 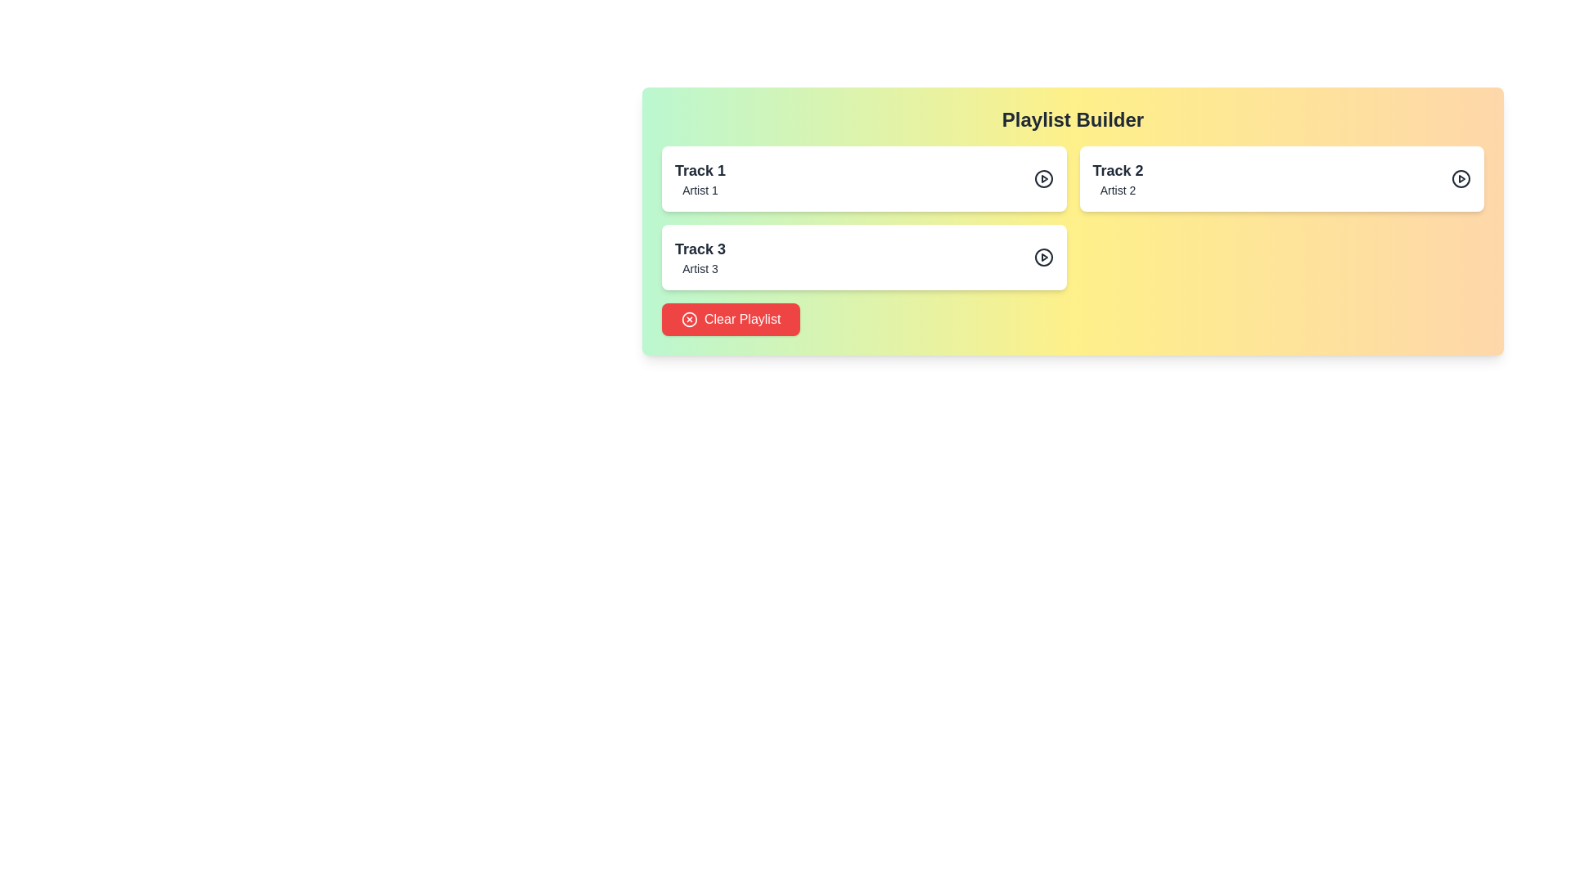 What do you see at coordinates (863, 179) in the screenshot?
I see `the track 1 to observe the hover effect` at bounding box center [863, 179].